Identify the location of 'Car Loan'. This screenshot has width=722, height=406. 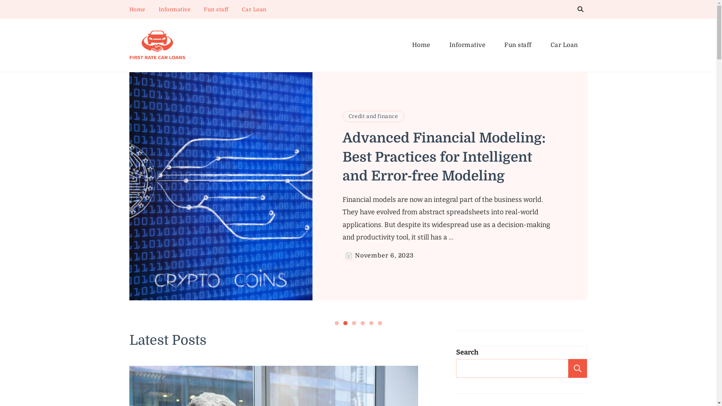
(540, 45).